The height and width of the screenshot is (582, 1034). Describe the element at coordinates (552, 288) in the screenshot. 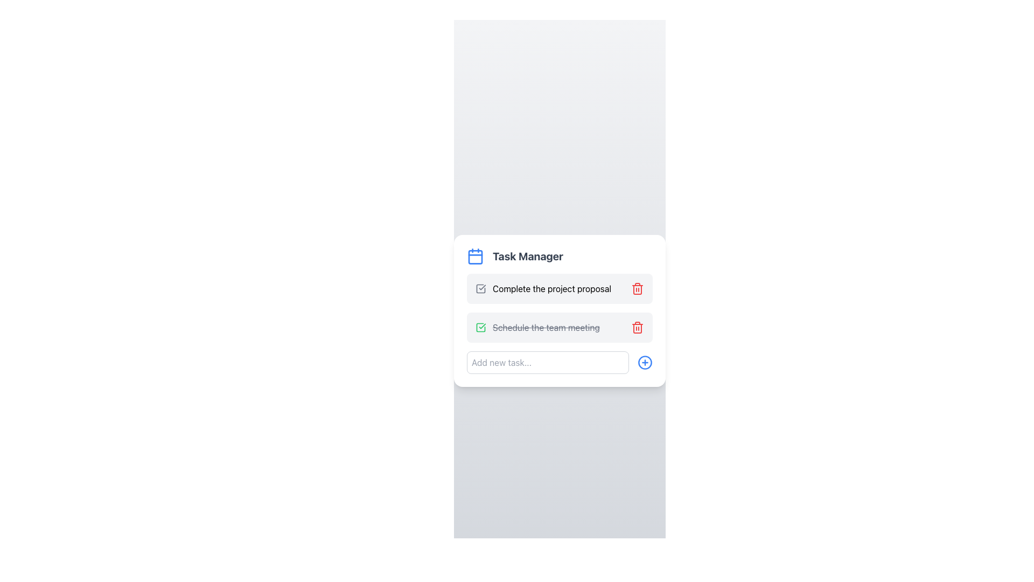

I see `the text label displaying 'Complete the project proposal' within the Task Manager's first task item, located to the right of a checkbox icon` at that location.